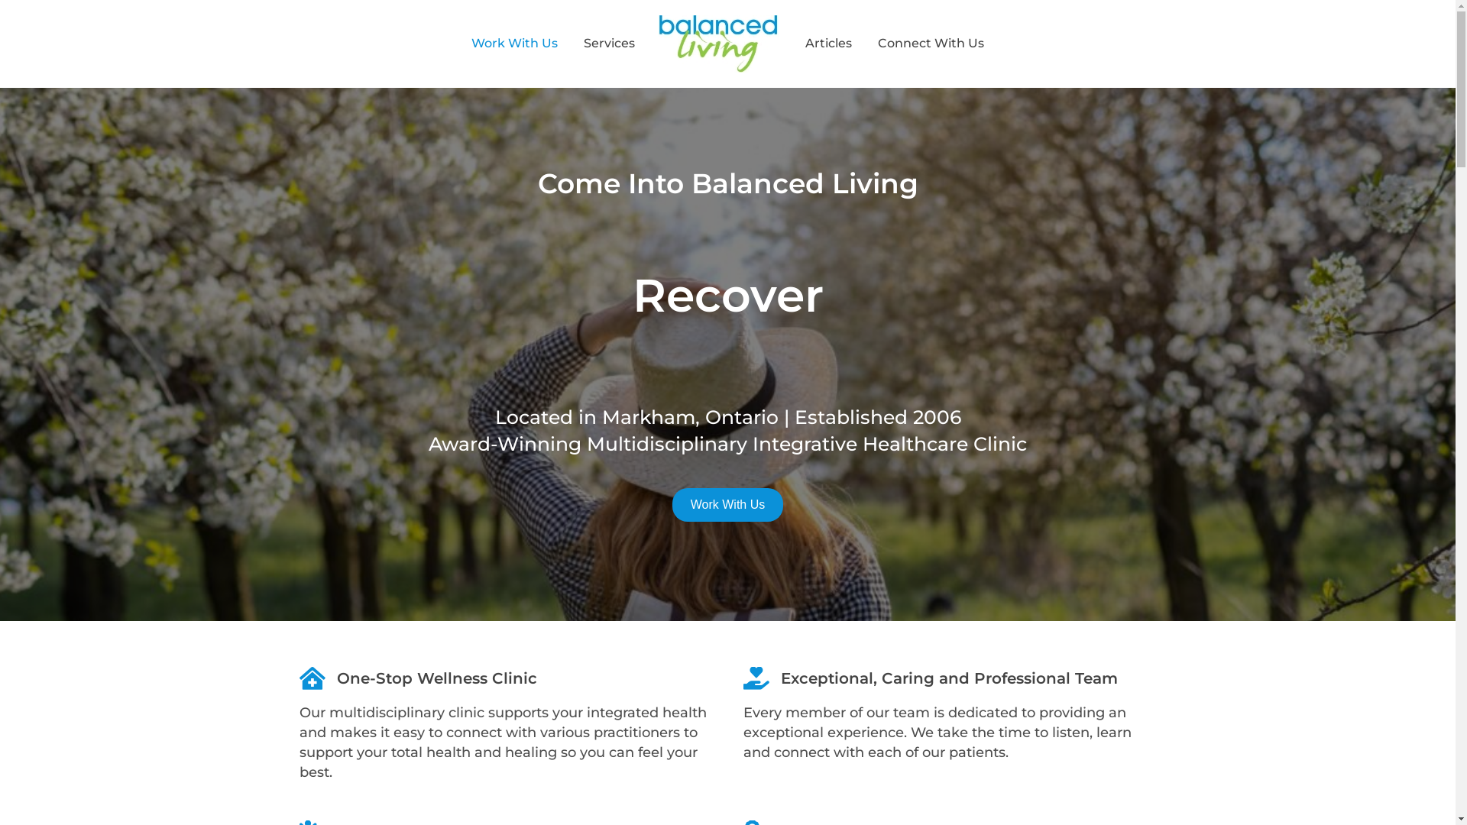 The width and height of the screenshot is (1467, 825). I want to click on 'Work With Us', so click(727, 504).